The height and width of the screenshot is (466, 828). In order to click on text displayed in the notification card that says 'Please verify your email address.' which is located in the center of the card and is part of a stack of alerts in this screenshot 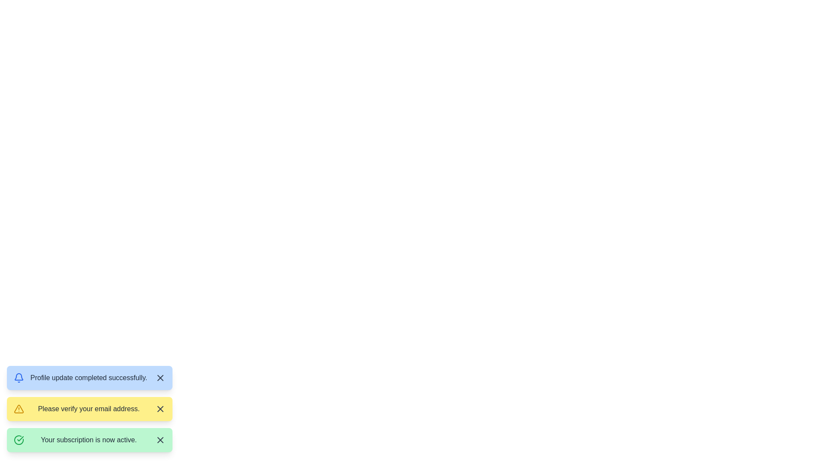, I will do `click(89, 409)`.